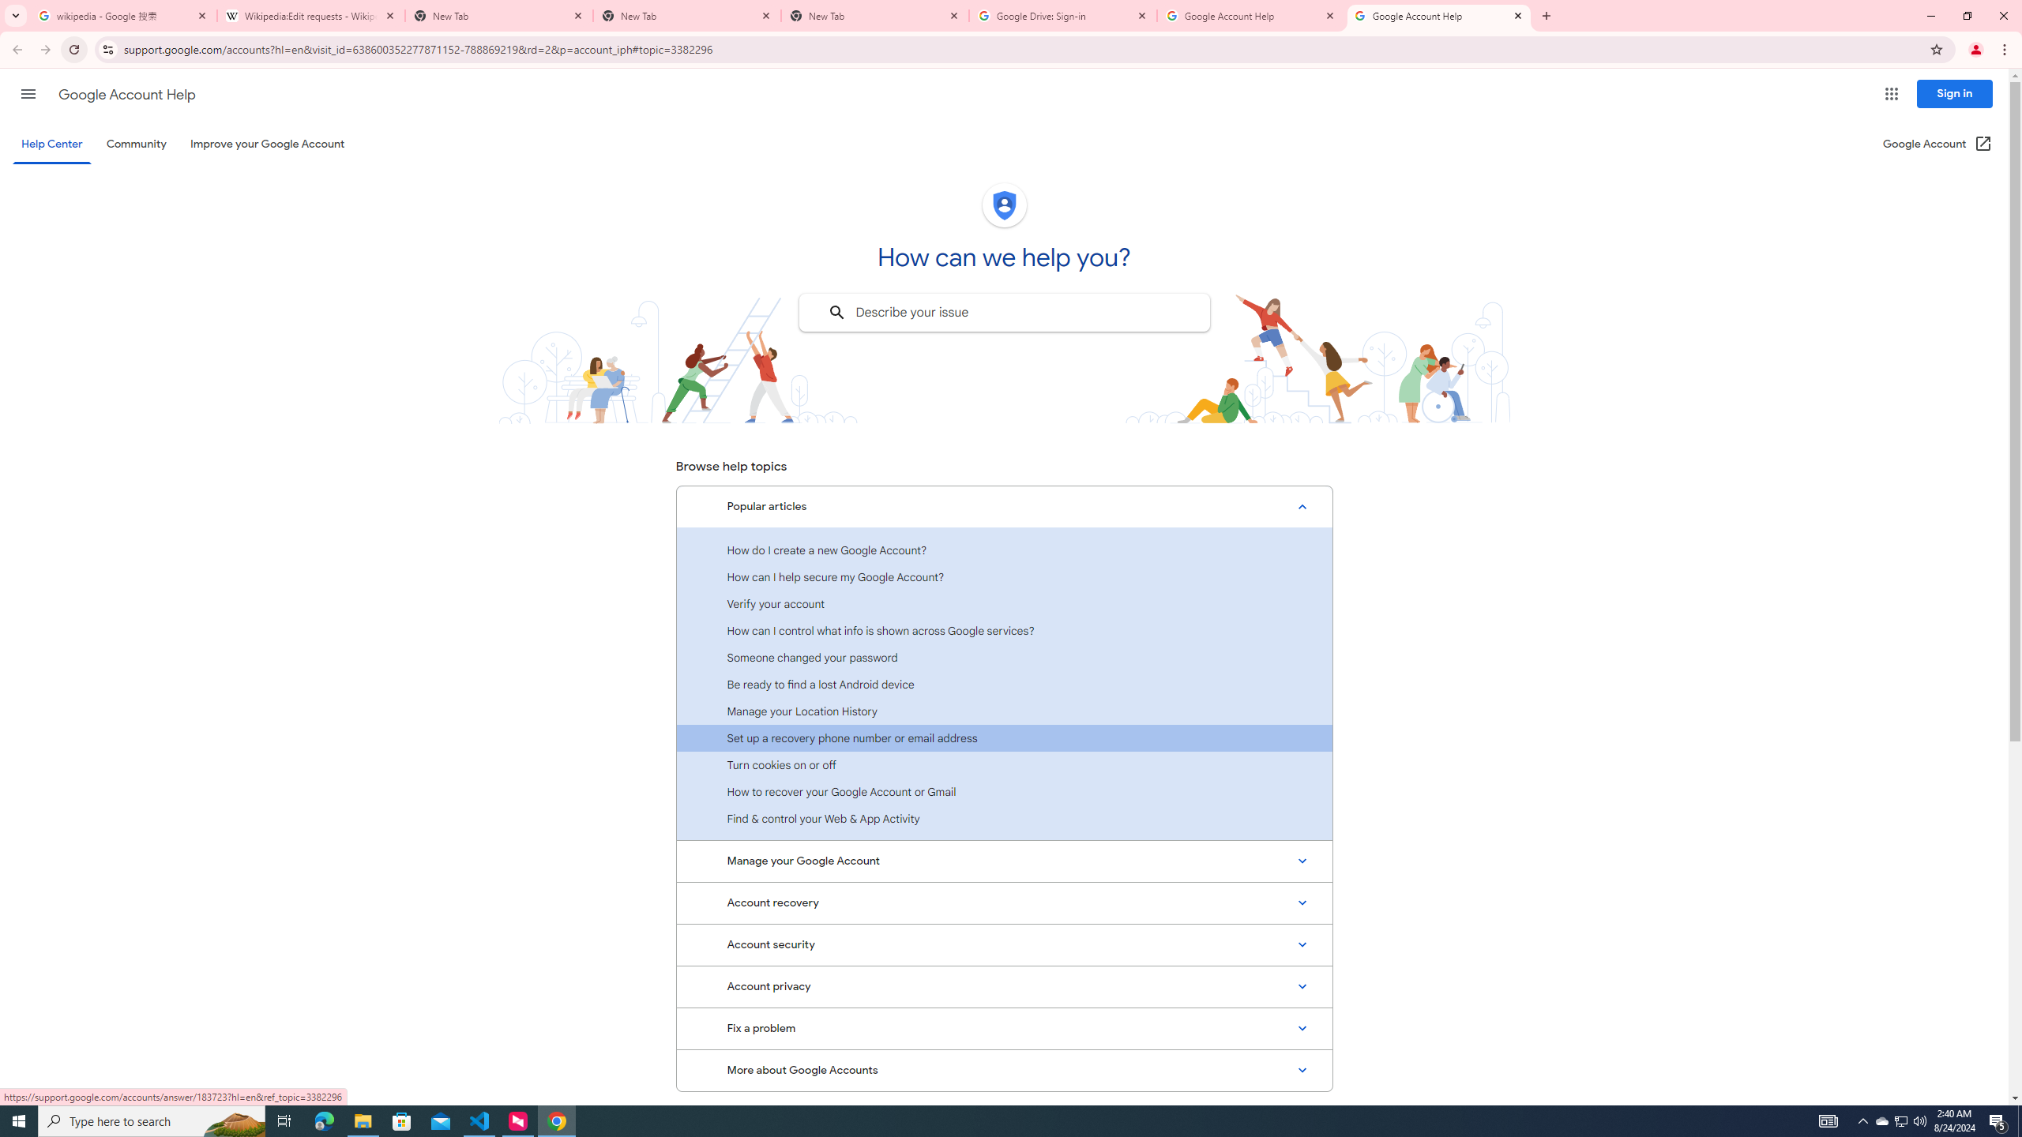 The height and width of the screenshot is (1137, 2022). I want to click on 'Improve your Google Account', so click(267, 143).